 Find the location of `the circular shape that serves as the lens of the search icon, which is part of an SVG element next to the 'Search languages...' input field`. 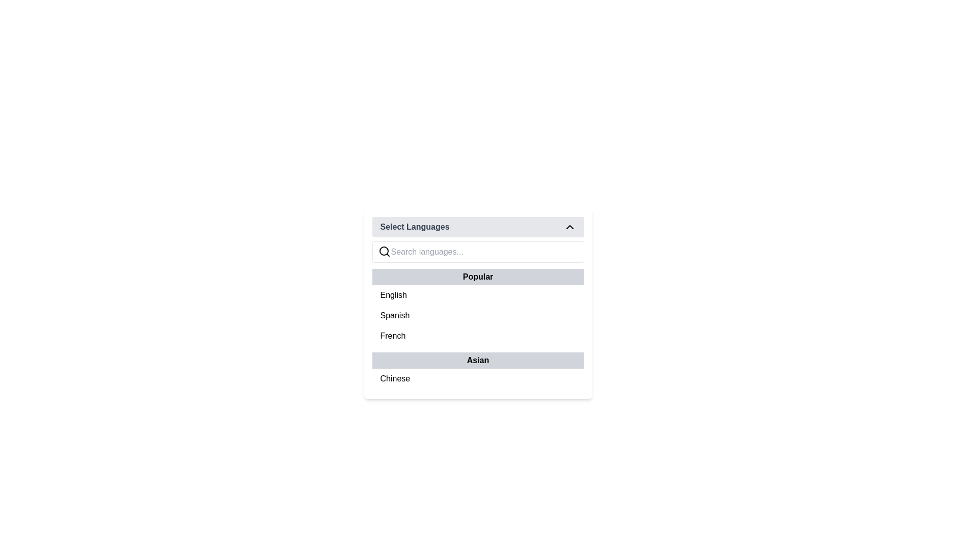

the circular shape that serves as the lens of the search icon, which is part of an SVG element next to the 'Search languages...' input field is located at coordinates (383, 251).